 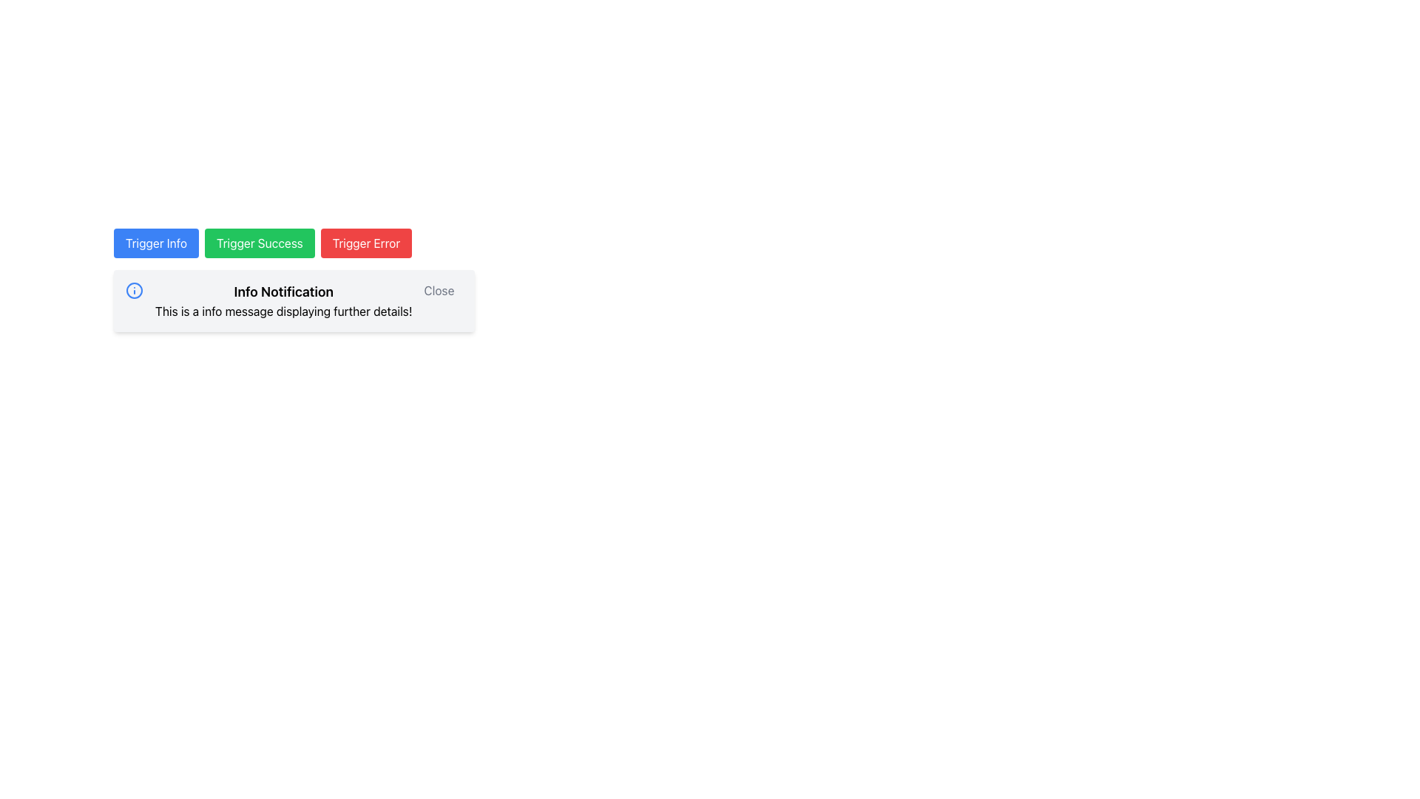 What do you see at coordinates (366, 242) in the screenshot?
I see `the error-triggering button located in the upper central portion of the interface, which is the third button in a horizontal row next to the 'Trigger Info' and 'Trigger Success' buttons` at bounding box center [366, 242].